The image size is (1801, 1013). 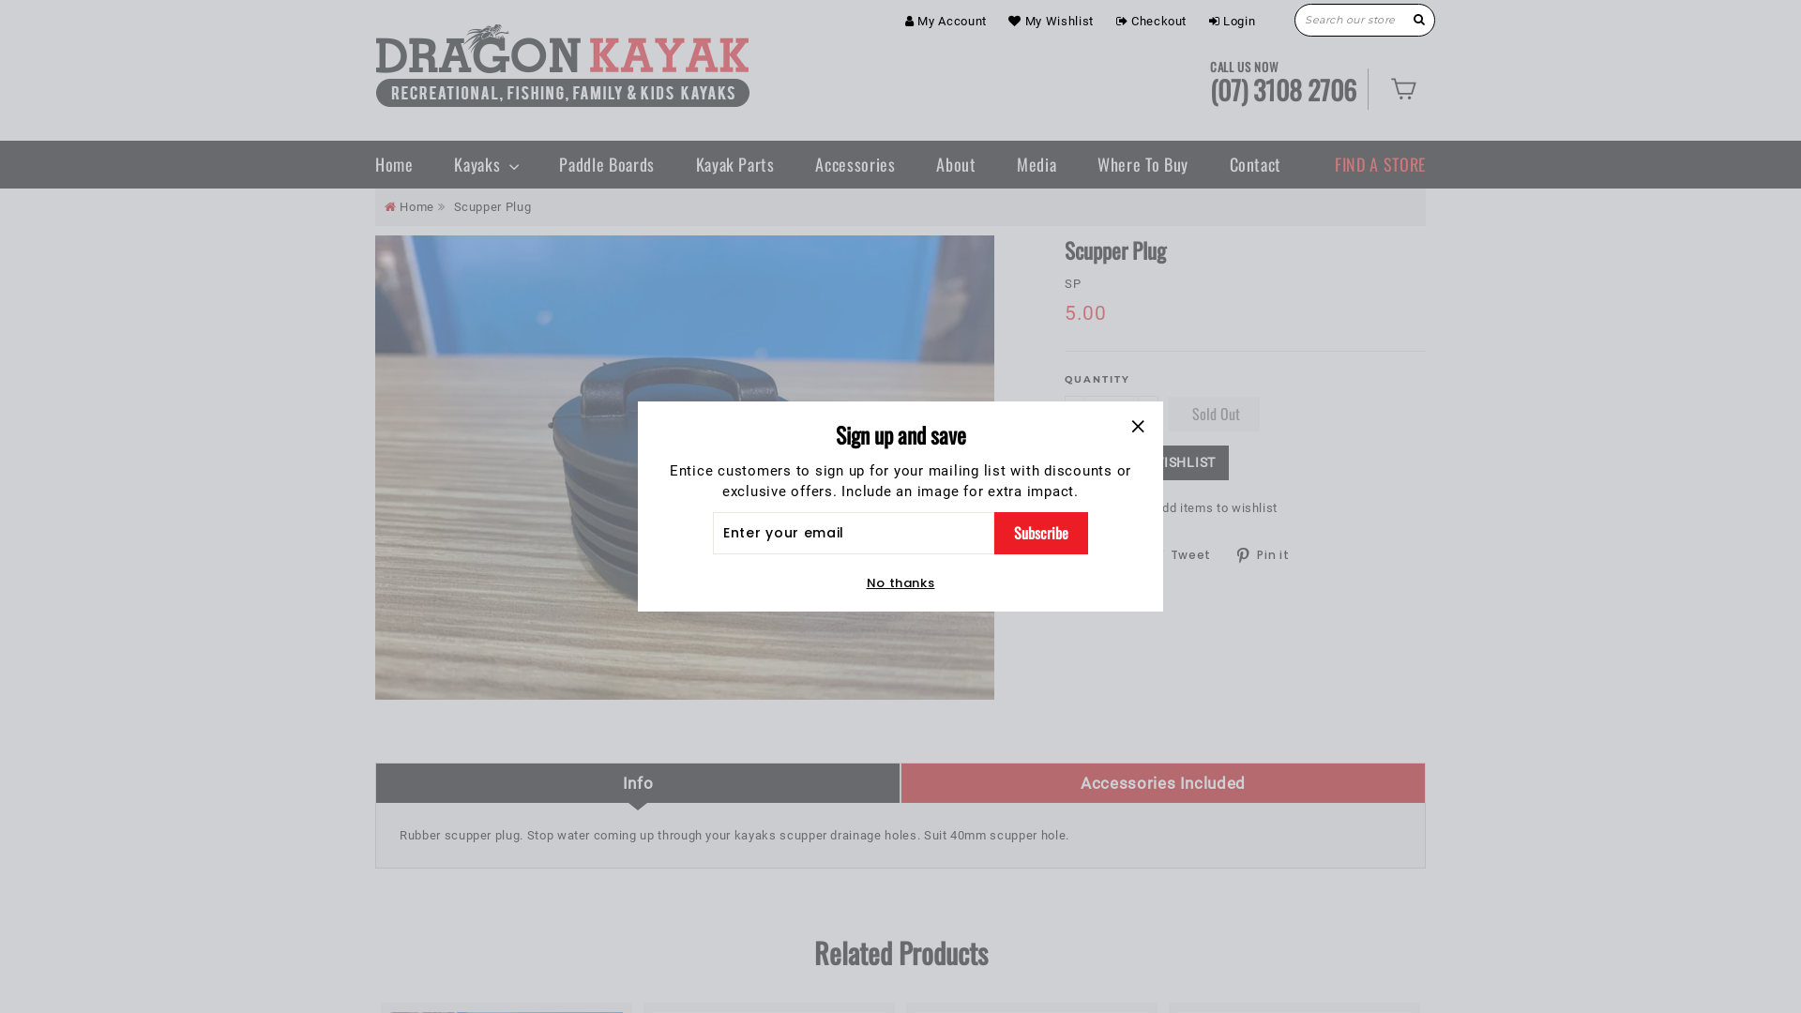 I want to click on 'Home', so click(x=408, y=206).